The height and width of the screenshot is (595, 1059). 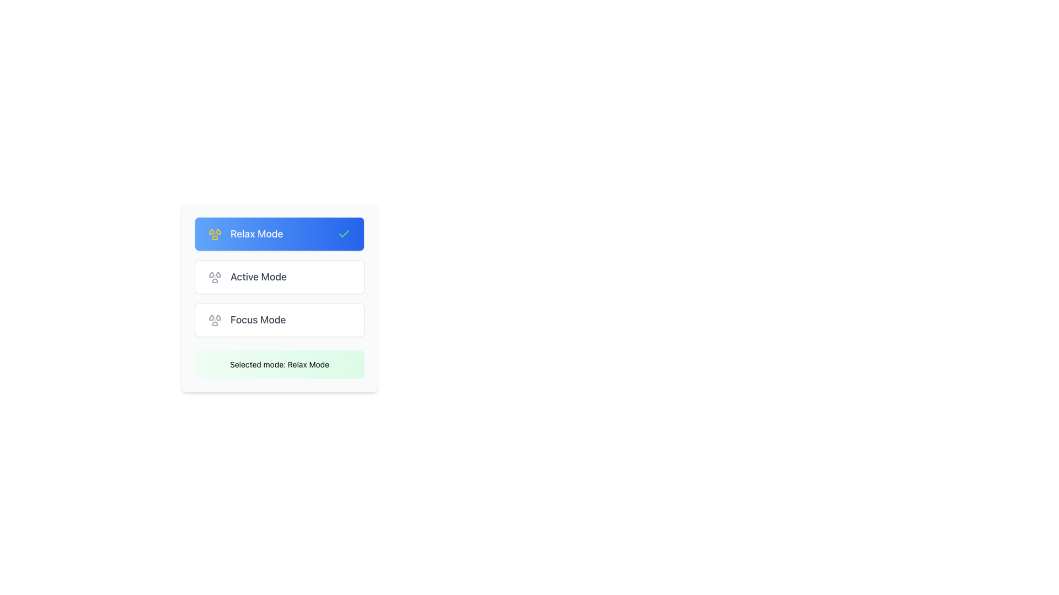 What do you see at coordinates (280, 233) in the screenshot?
I see `the 'Relax Mode' button, which is a rectangular button with a blue gradient background and features a yellow radiation icon and a green checkmark, positioned above the 'Active Mode' and 'Focus Mode' buttons` at bounding box center [280, 233].